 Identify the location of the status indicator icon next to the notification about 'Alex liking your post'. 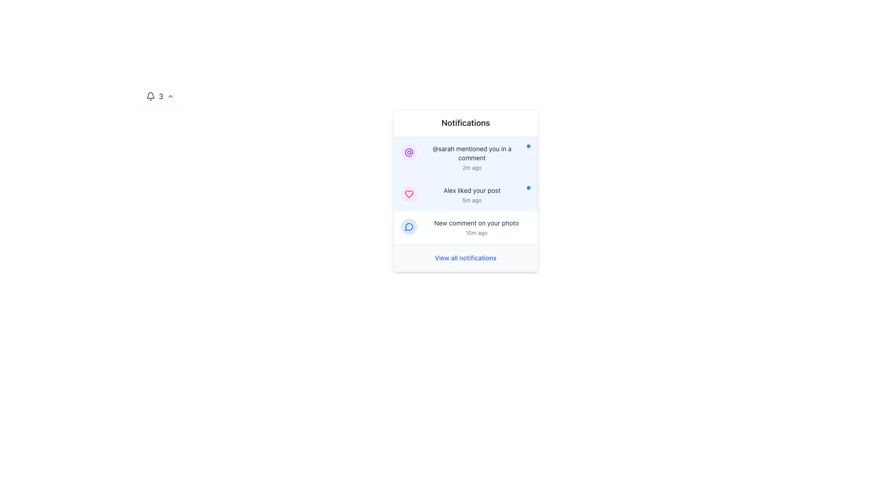
(408, 193).